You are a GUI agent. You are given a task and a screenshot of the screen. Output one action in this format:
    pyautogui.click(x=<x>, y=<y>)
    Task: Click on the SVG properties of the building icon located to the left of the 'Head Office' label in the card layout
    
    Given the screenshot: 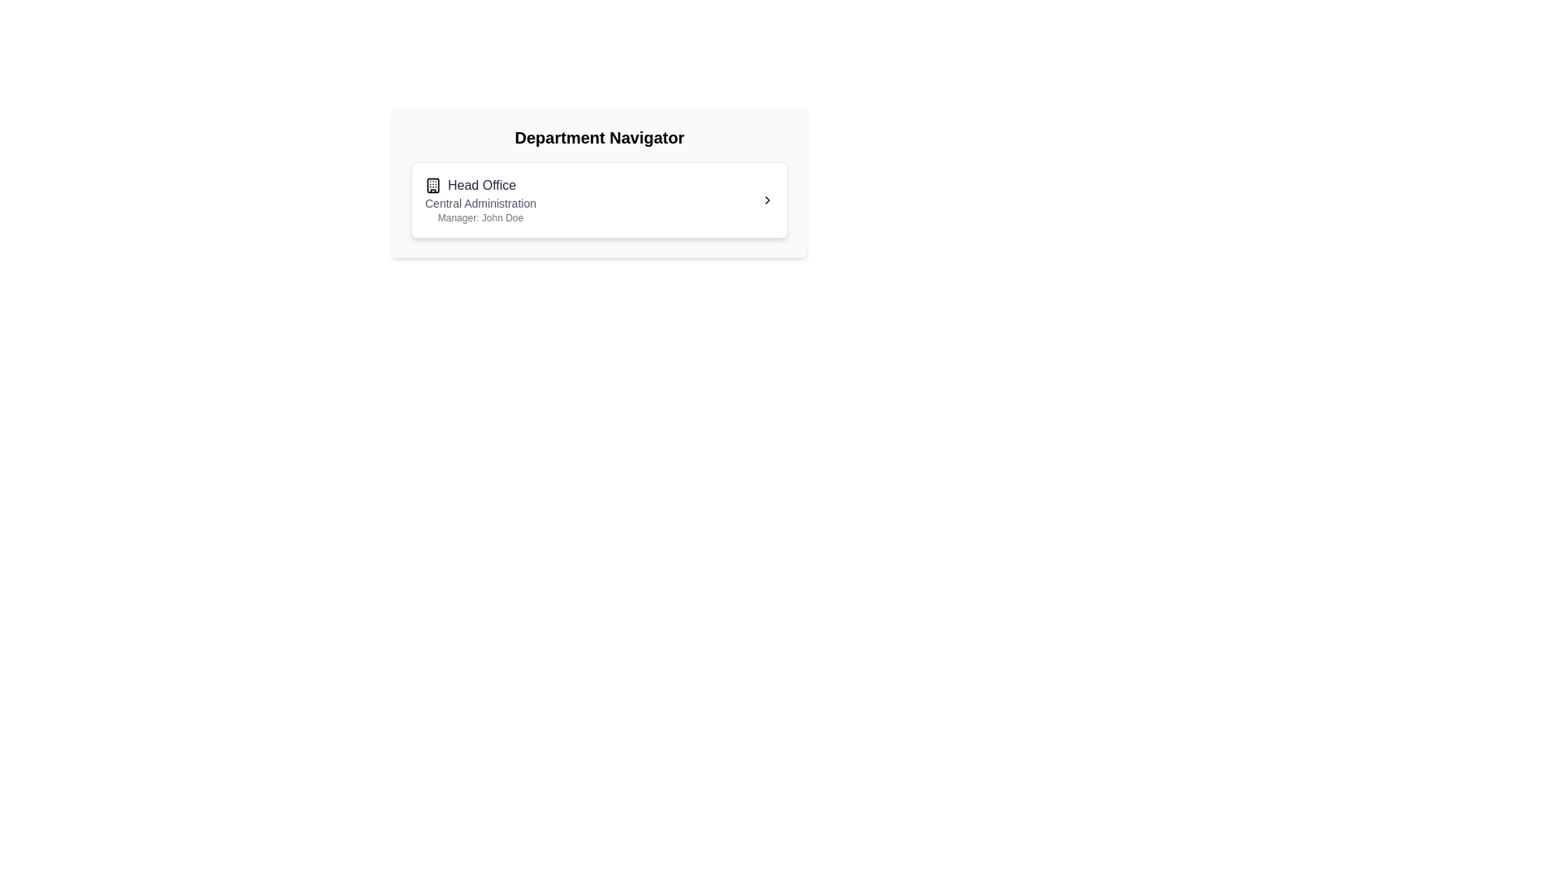 What is the action you would take?
    pyautogui.click(x=433, y=184)
    